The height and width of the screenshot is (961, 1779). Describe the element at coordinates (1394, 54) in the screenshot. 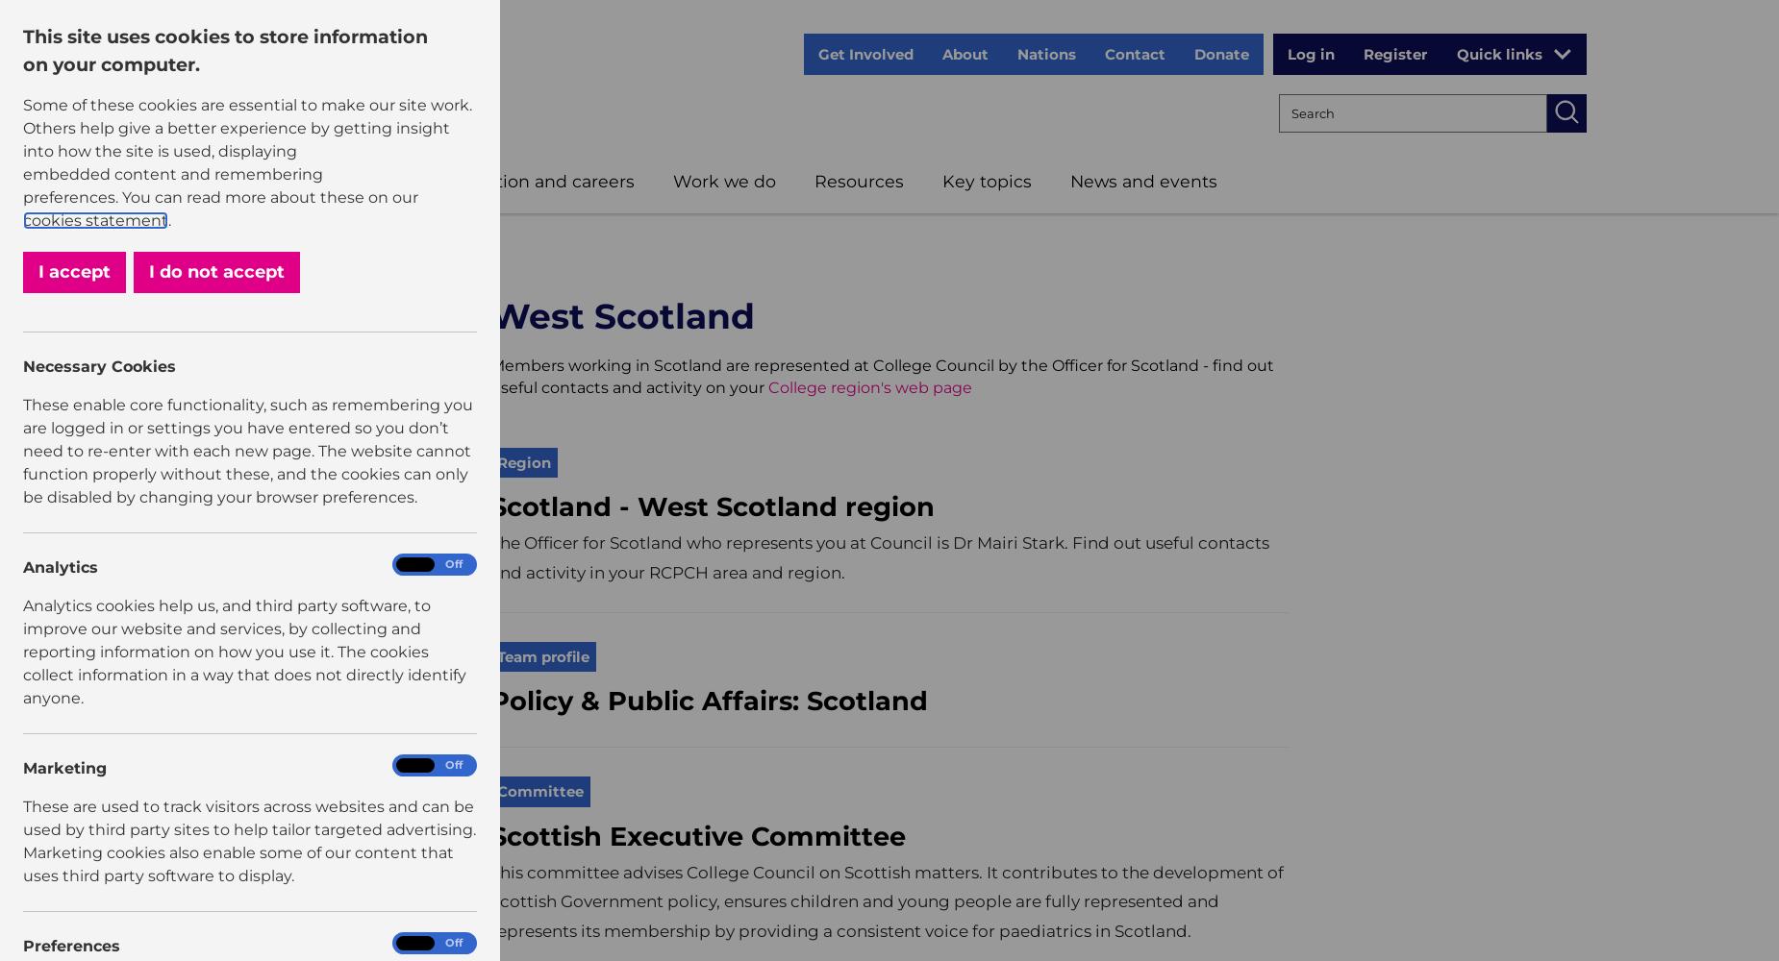

I see `'Register'` at that location.